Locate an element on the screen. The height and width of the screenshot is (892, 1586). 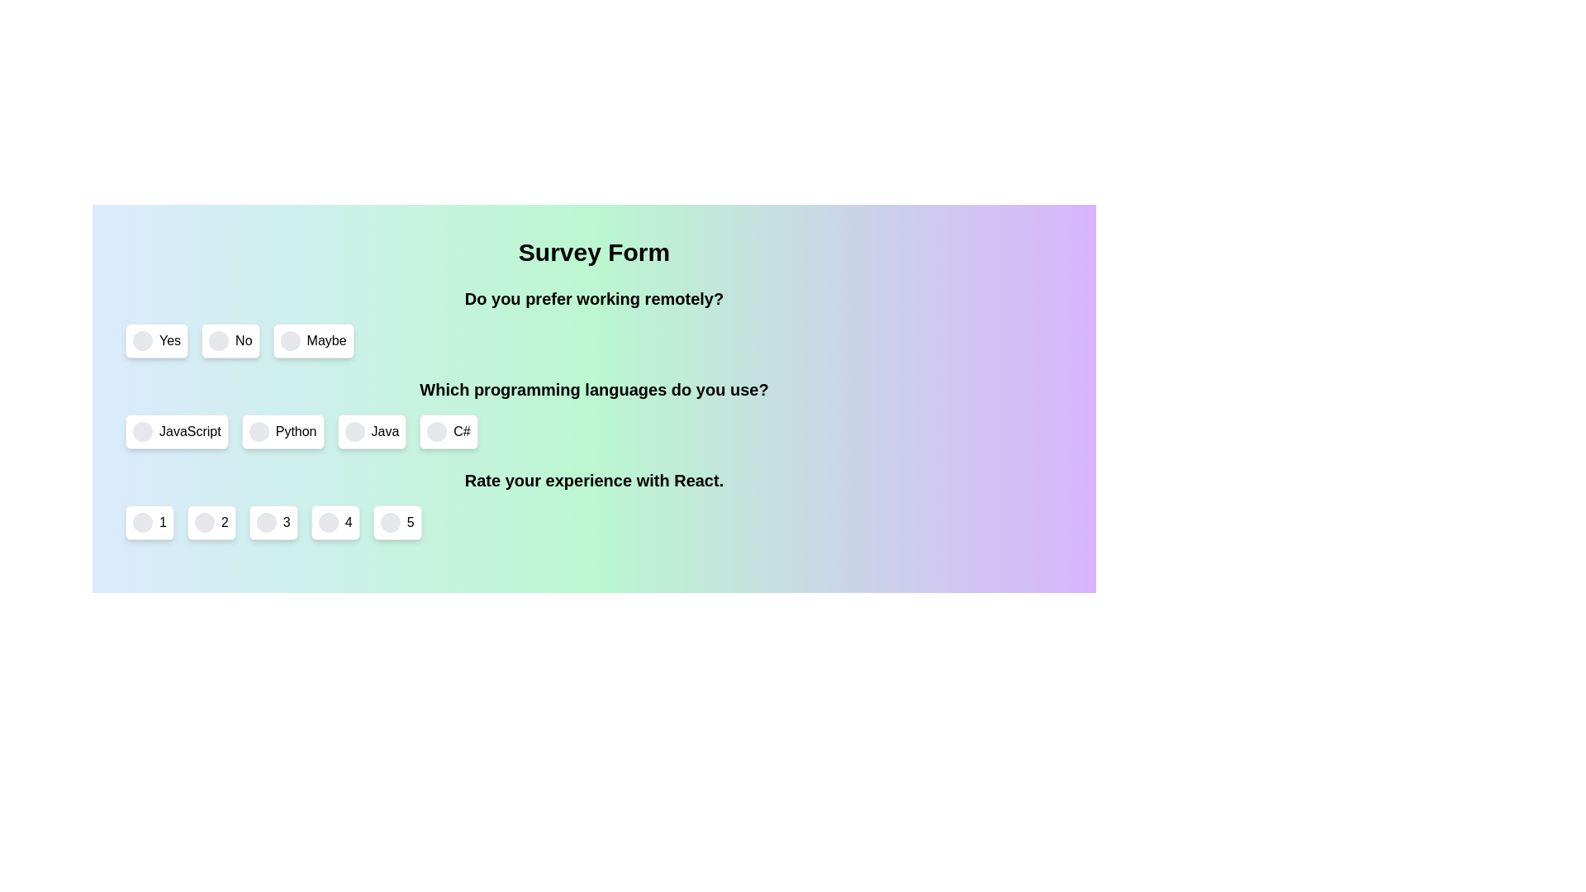
the 'Maybe' button, which is the third button in a row of three options labeled 'Yes', 'No', and 'Maybe', located at the top-left section of the interface is located at coordinates (313, 339).